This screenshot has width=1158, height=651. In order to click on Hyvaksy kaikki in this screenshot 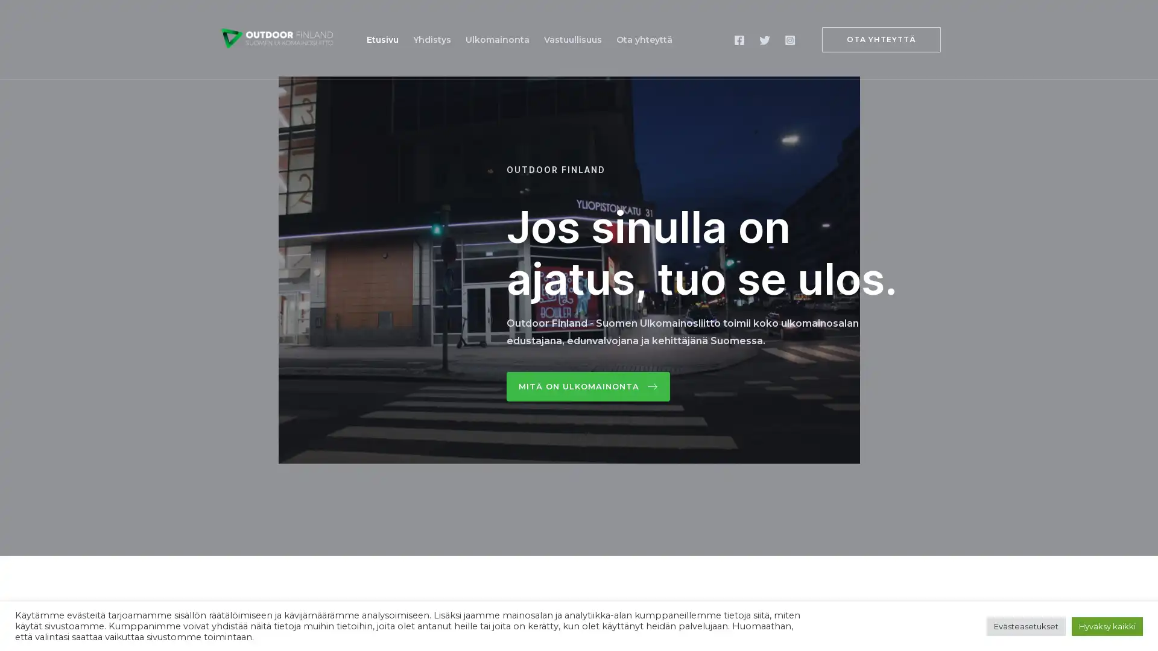, I will do `click(1107, 625)`.